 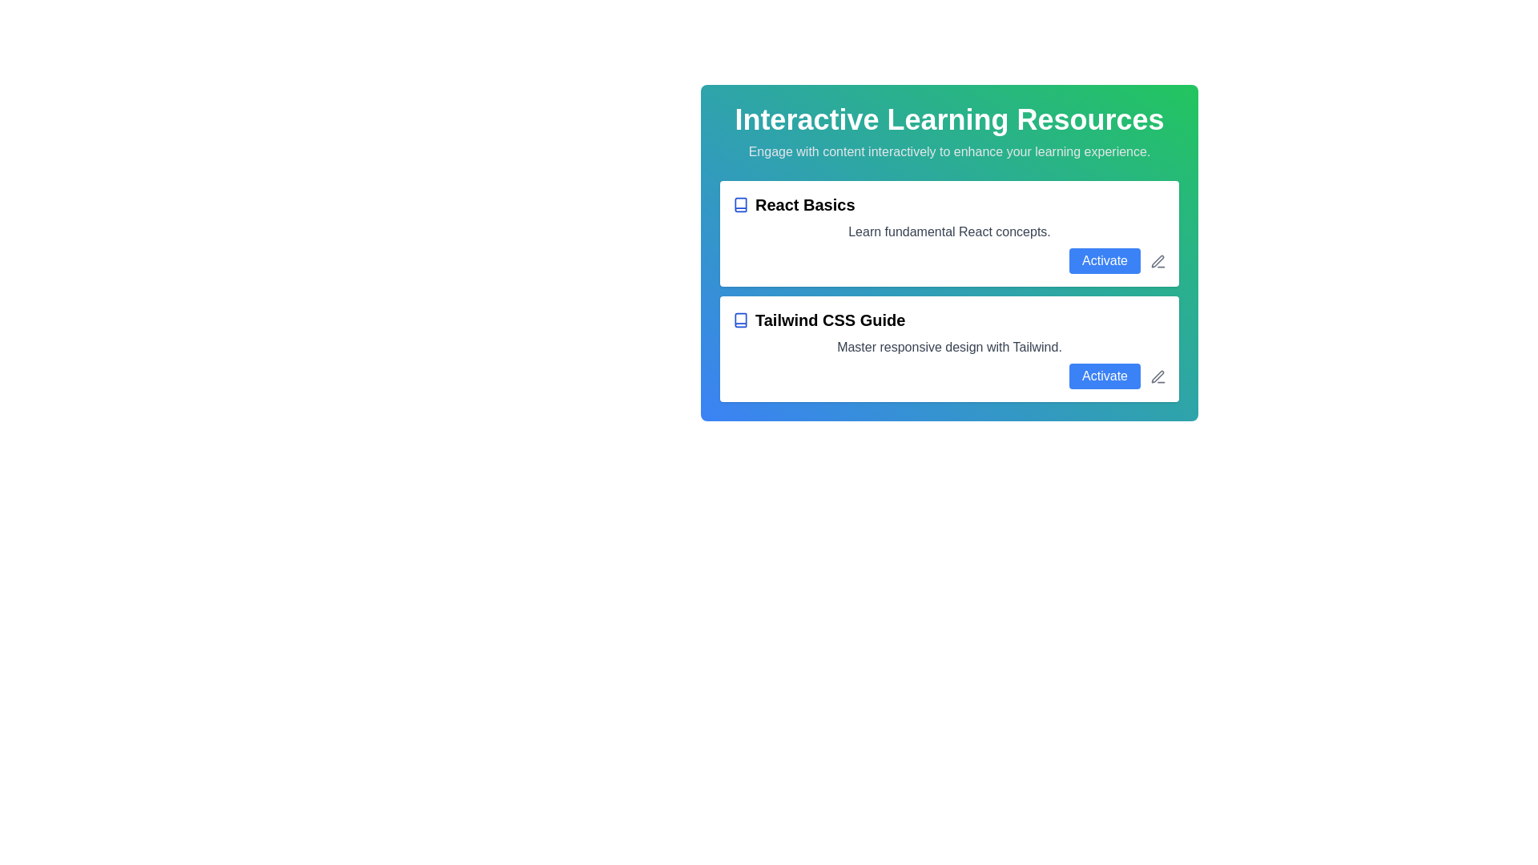 What do you see at coordinates (949, 320) in the screenshot?
I see `Text Header with Icon located at the top of the second card in the list of learning resources, which serves as the main title for the card` at bounding box center [949, 320].